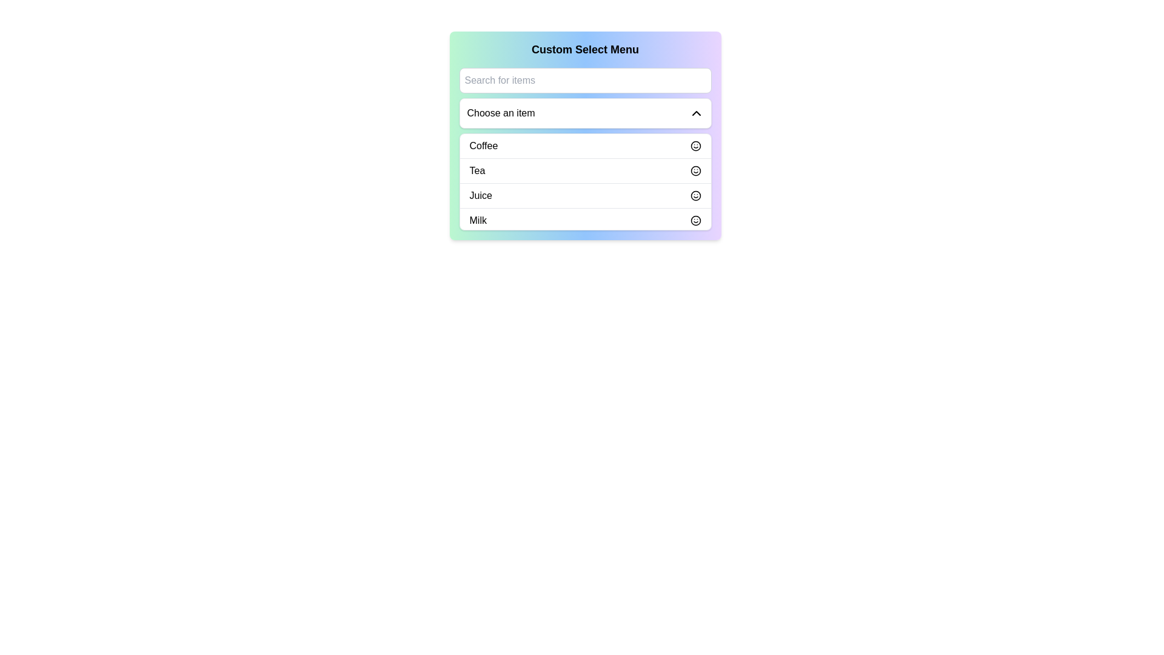  I want to click on the fourth item in the drop-down menu, which is labeled 'Milk', so click(585, 220).